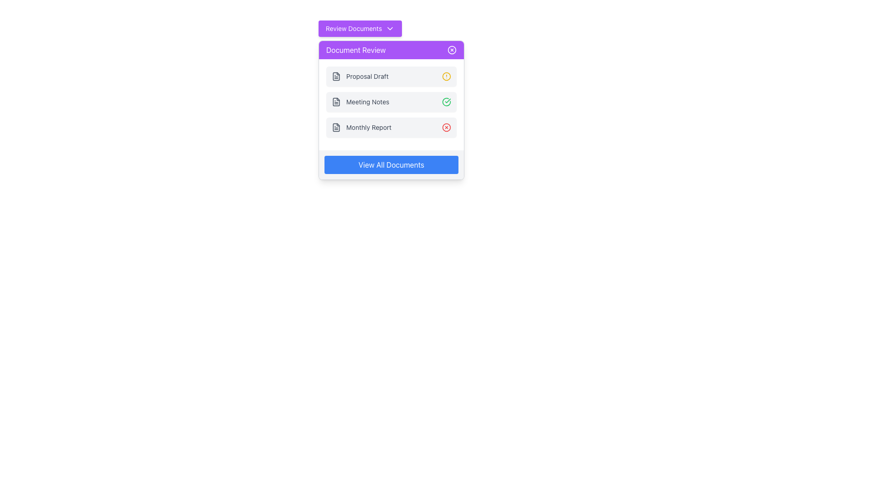 The height and width of the screenshot is (492, 875). I want to click on the button located at the top-left corner of the visible interface, so click(360, 28).